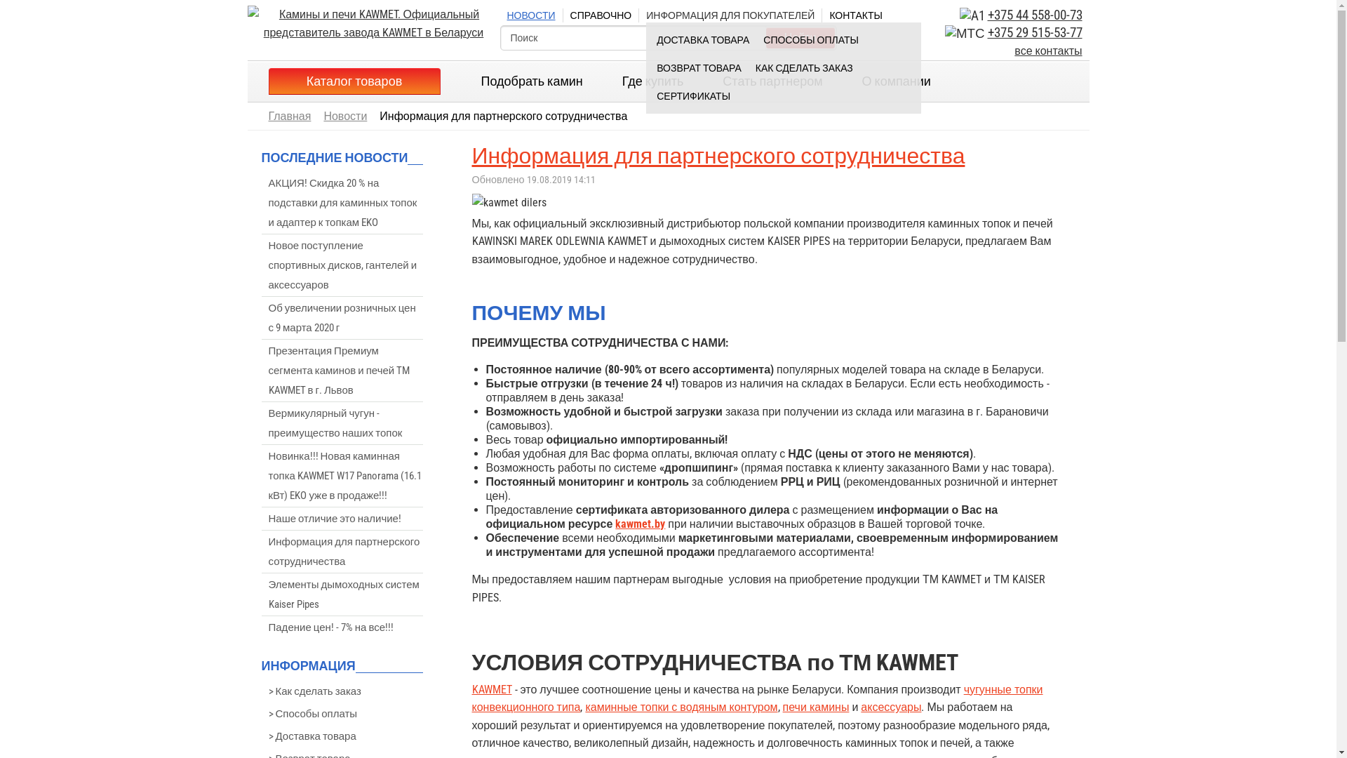 The width and height of the screenshot is (1347, 758). What do you see at coordinates (1035, 32) in the screenshot?
I see `'+375 29 515-53-77'` at bounding box center [1035, 32].